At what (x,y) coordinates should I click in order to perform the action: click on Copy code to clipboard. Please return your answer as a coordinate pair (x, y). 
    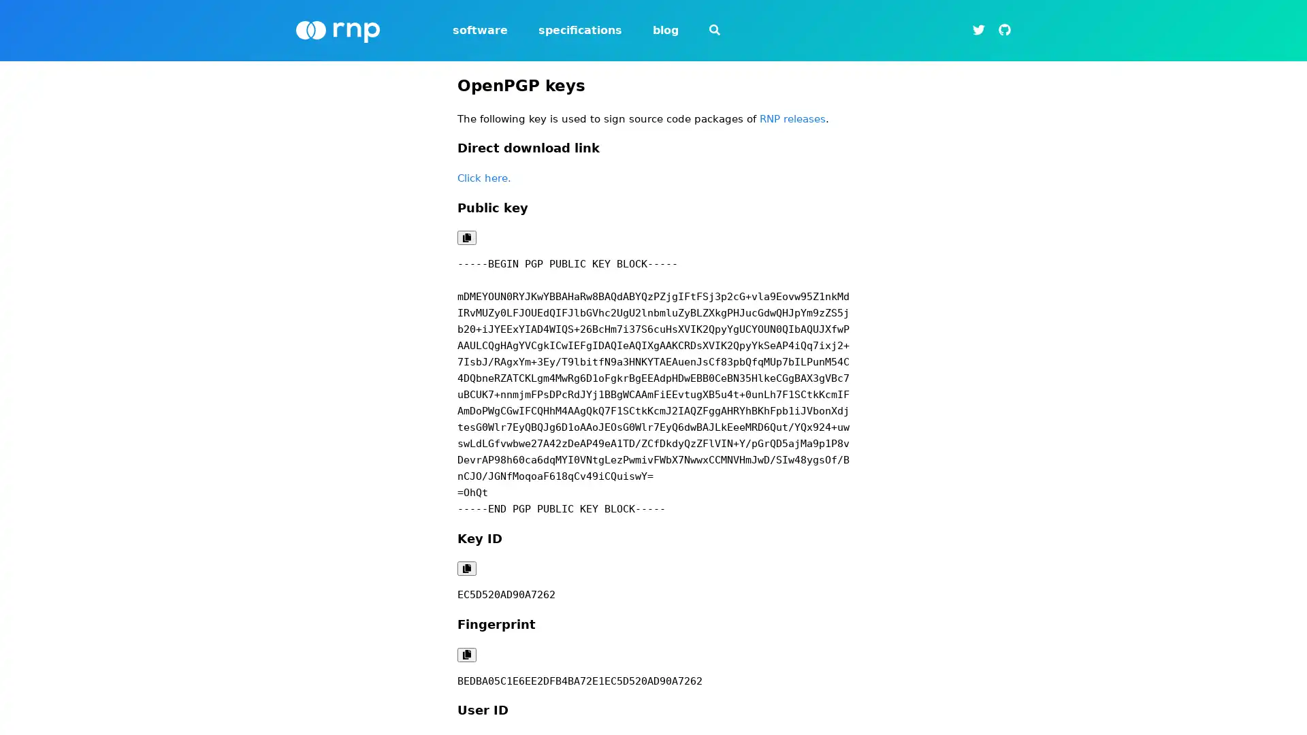
    Looking at the image, I should click on (466, 237).